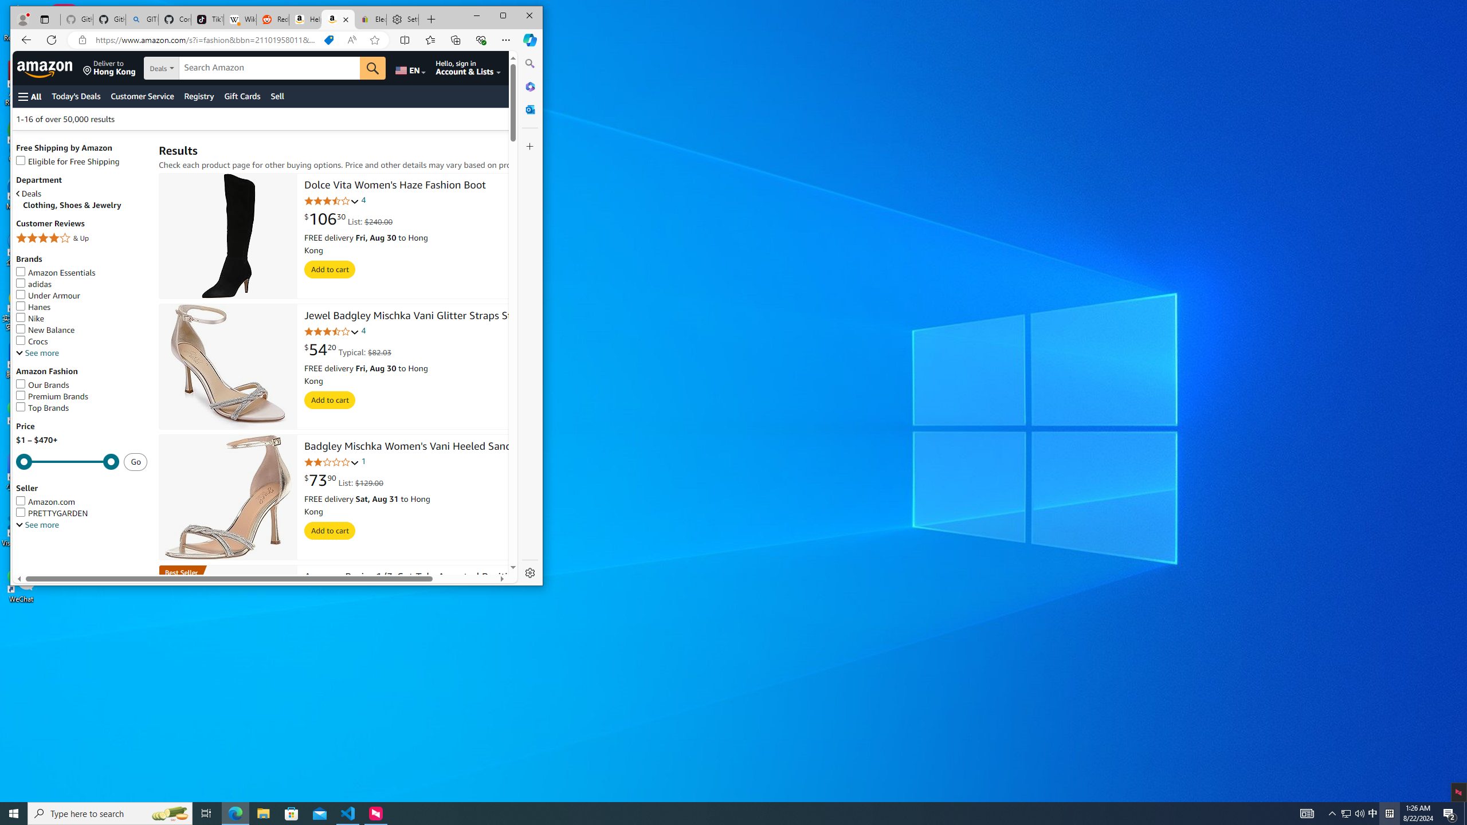 The height and width of the screenshot is (825, 1467). I want to click on '$73.90 List: $129.00', so click(343, 480).